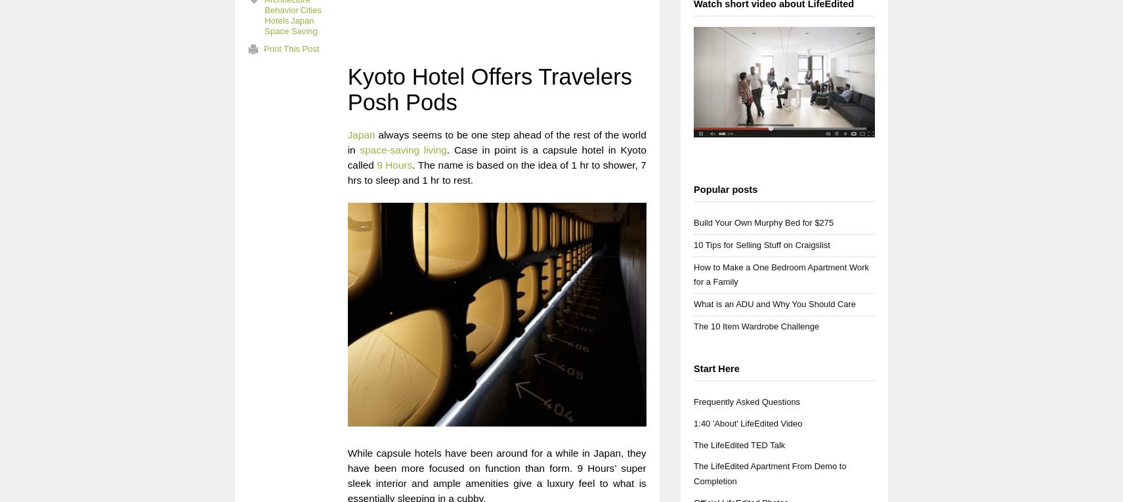 This screenshot has height=502, width=1123. I want to click on '. The name is based on the idea of 1 hr to shower, 7 hrs to sleep and 1 hr to rest.', so click(347, 172).